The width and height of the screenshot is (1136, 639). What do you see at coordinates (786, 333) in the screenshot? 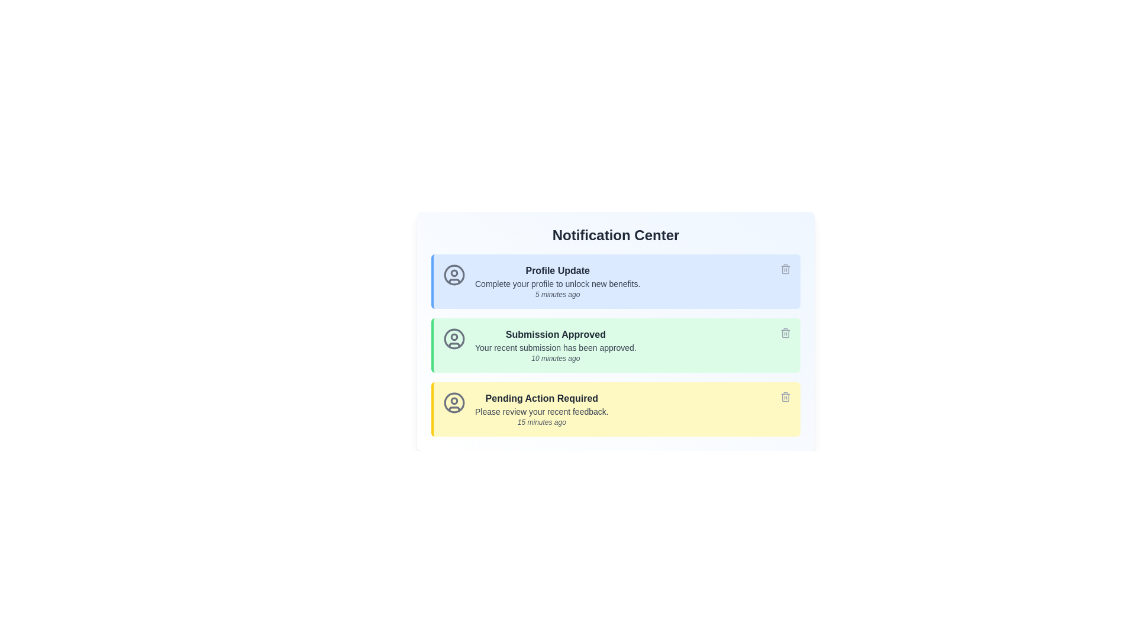
I see `the small gray trash bin icon located on the right-hand side of the green notification box labeled 'Submission Approved'` at bounding box center [786, 333].